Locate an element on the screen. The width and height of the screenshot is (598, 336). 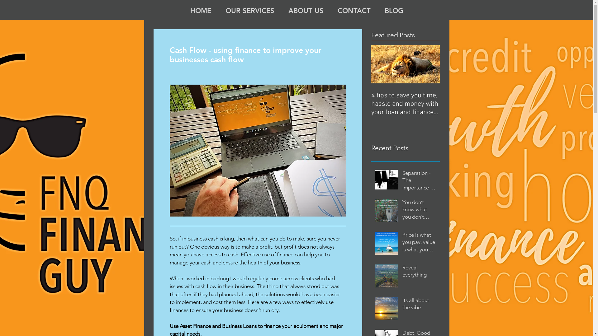
'OUR SERVICES' is located at coordinates (249, 10).